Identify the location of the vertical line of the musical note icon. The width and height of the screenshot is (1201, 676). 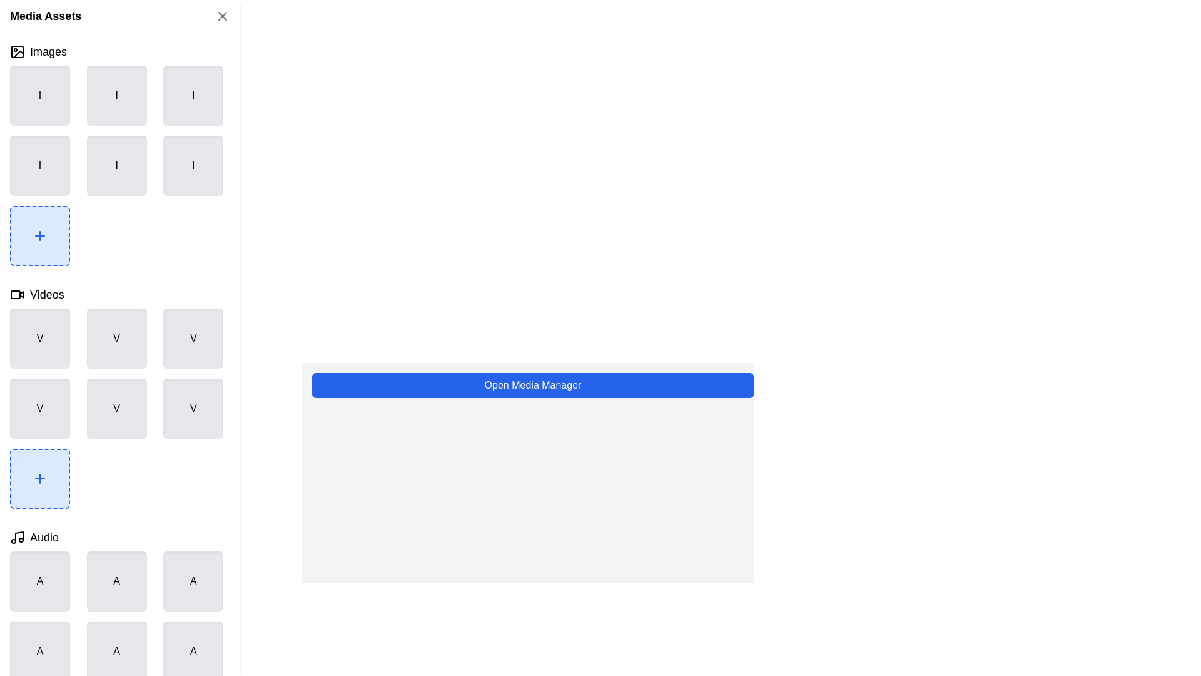
(19, 536).